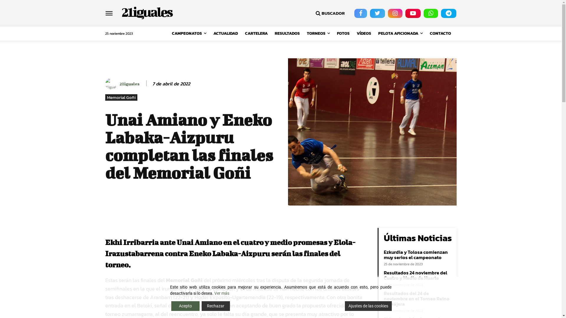 This screenshot has width=566, height=318. Describe the element at coordinates (256, 34) in the screenshot. I see `'CARTELERA'` at that location.